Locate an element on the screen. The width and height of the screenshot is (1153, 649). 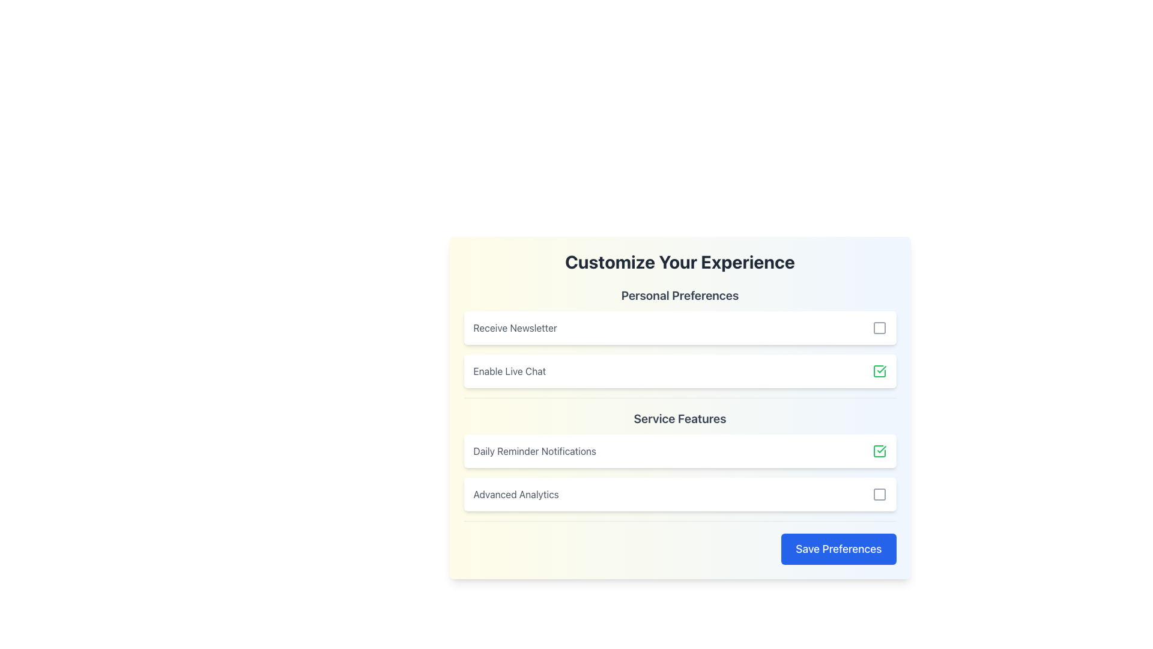
the 'Personal Preferences' text header, which is a bold, larger gray heading located above the options for adjusting personal preferences is located at coordinates (680, 296).